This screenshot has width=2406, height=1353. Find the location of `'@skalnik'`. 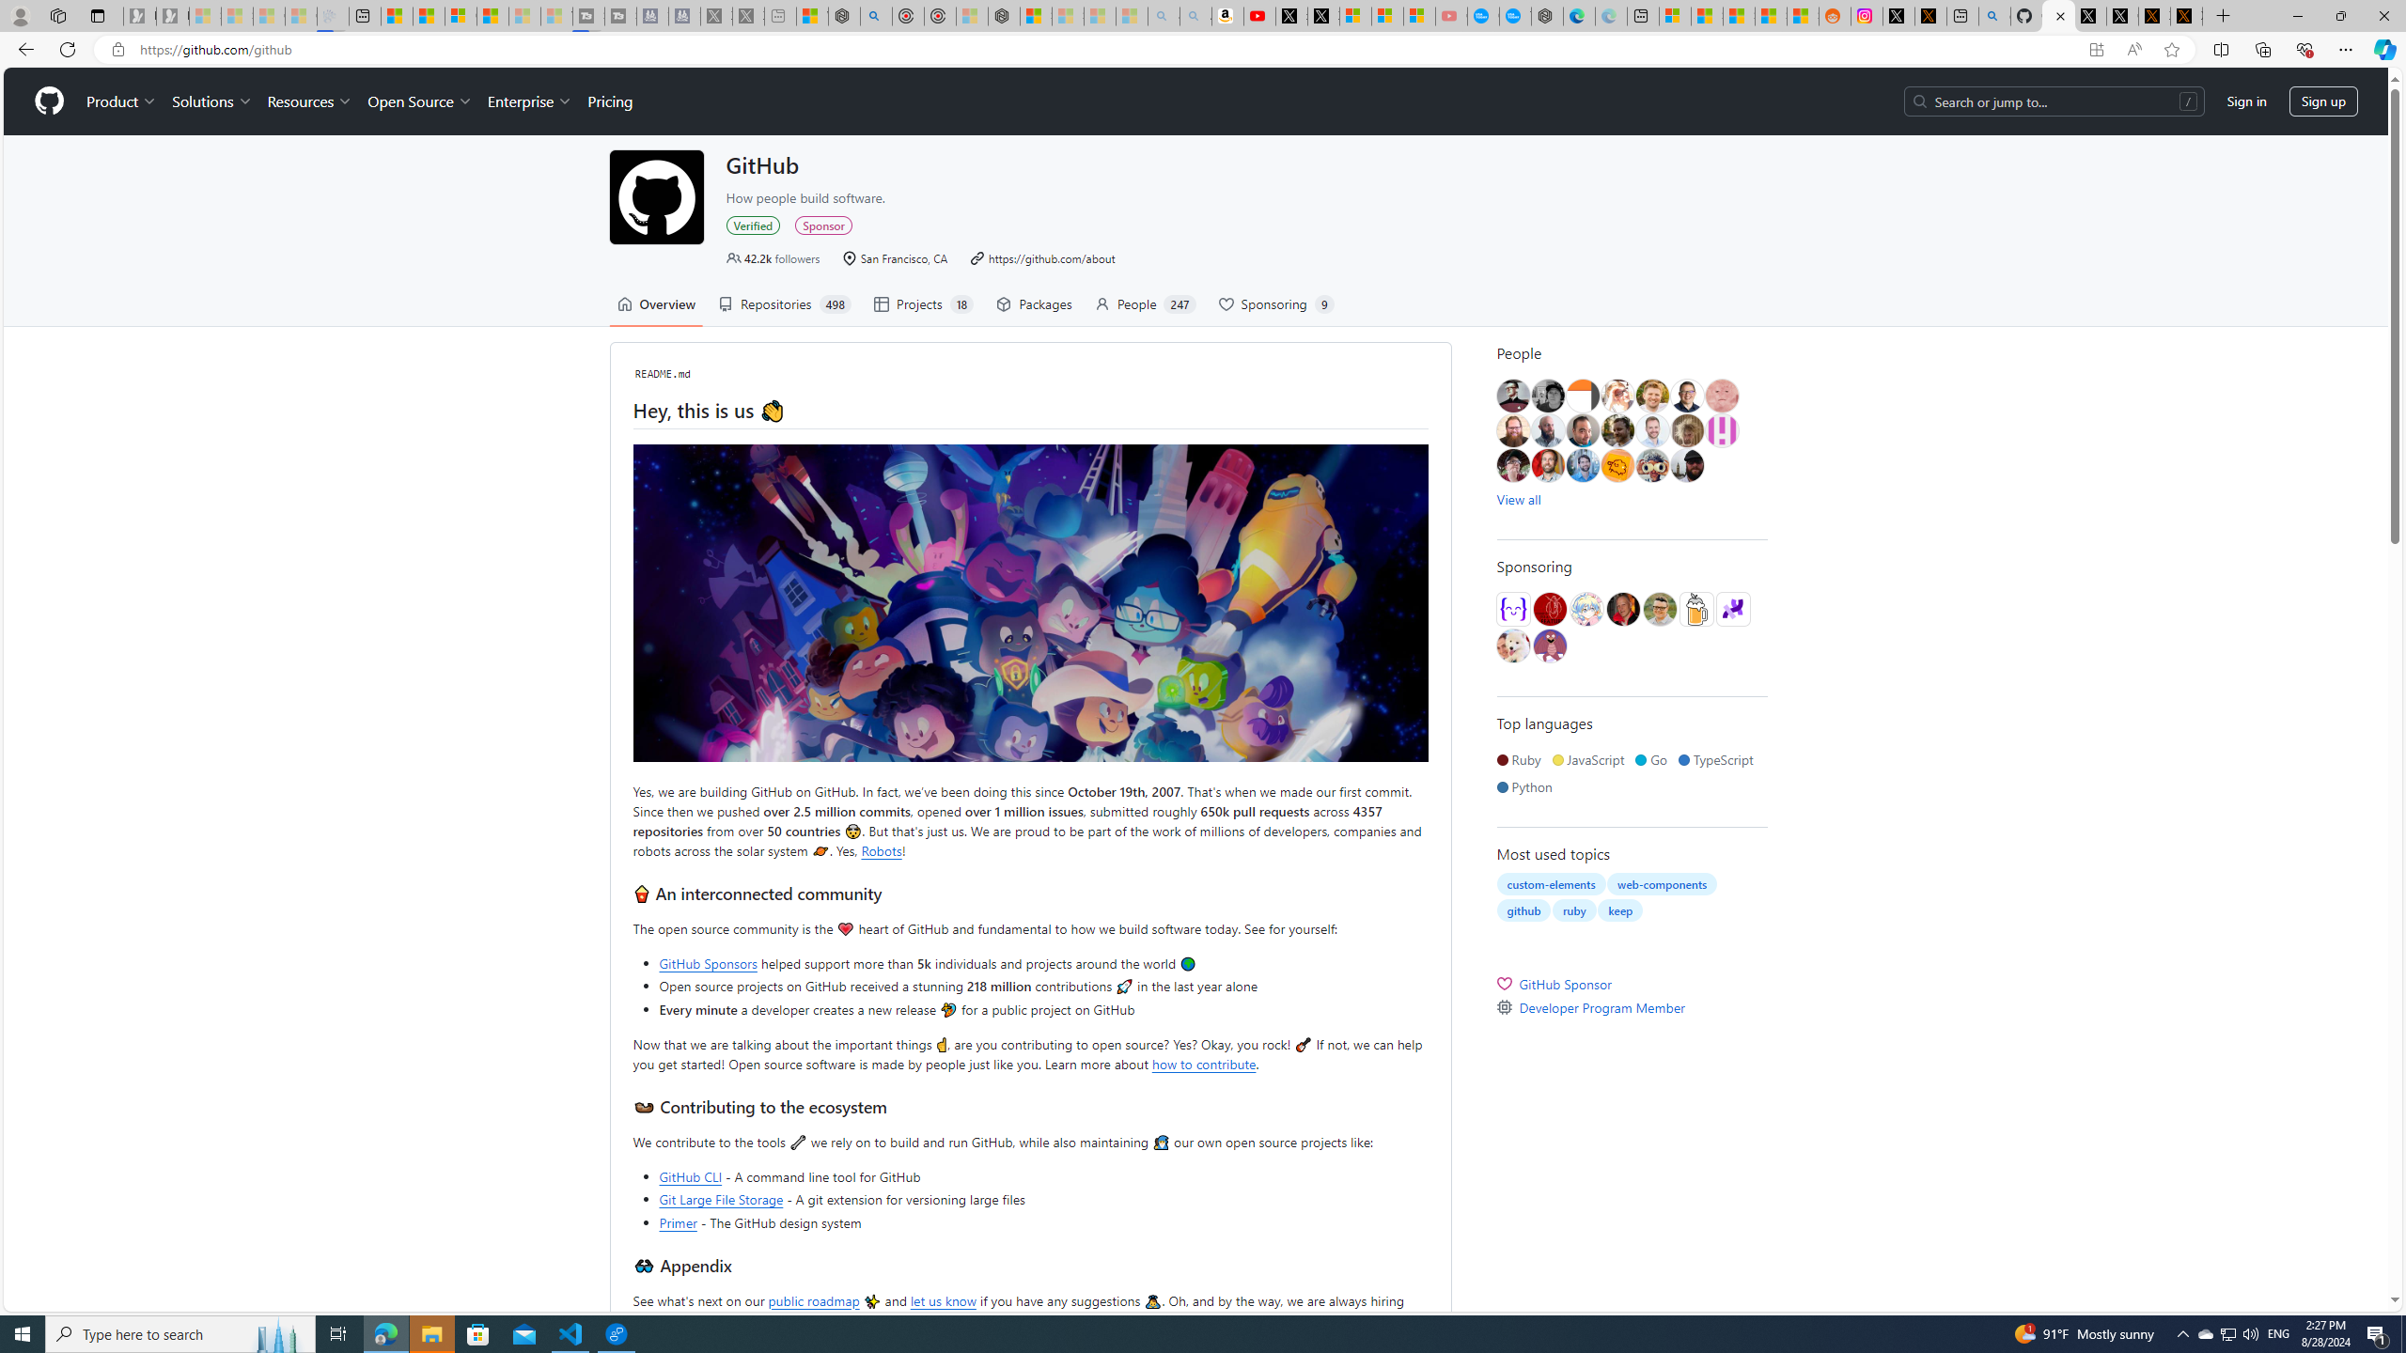

'@skalnik' is located at coordinates (1721, 396).